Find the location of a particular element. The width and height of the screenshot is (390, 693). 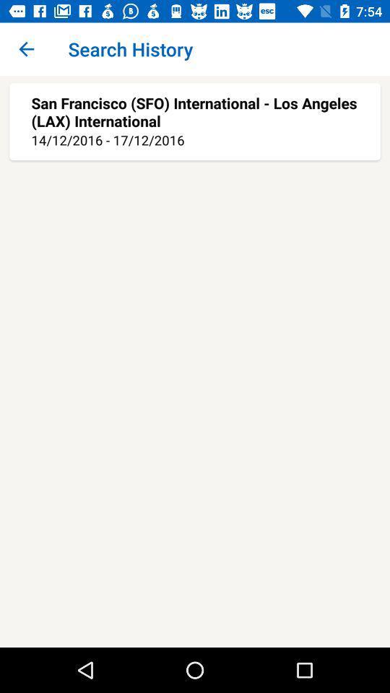

item above 14 12 2016 item is located at coordinates (195, 111).